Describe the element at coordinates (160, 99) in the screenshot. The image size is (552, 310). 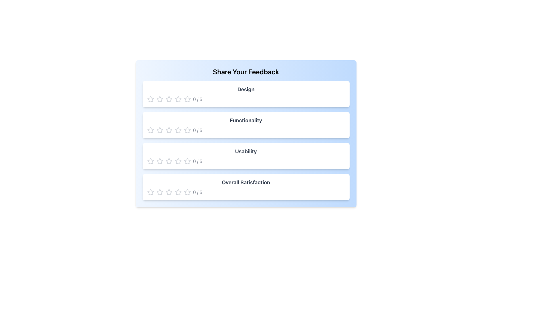
I see `the second star icon` at that location.